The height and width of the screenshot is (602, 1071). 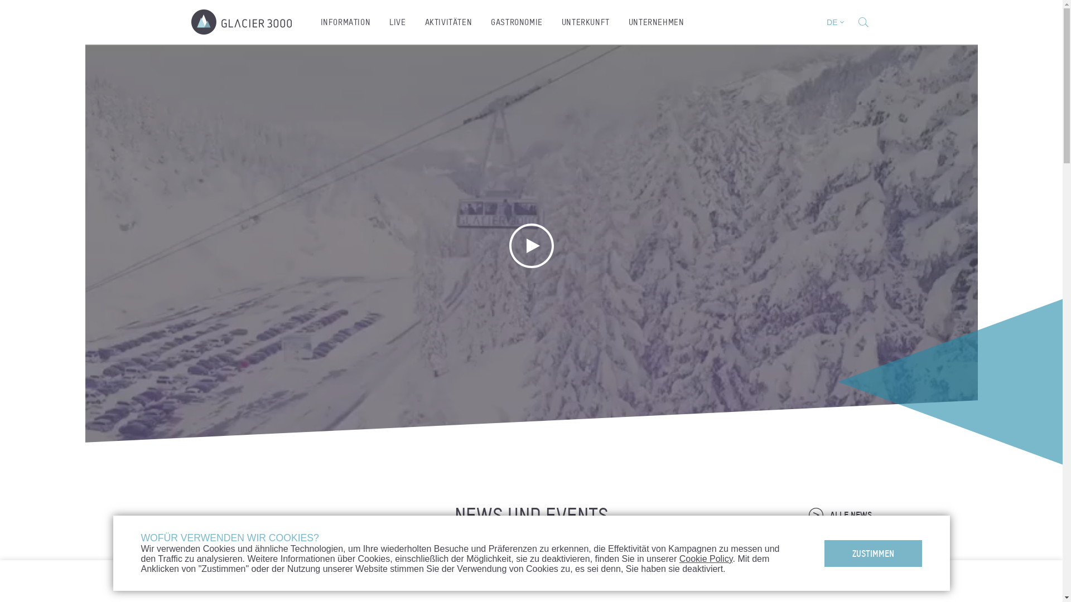 I want to click on ' ALLE NEWS', so click(x=840, y=515).